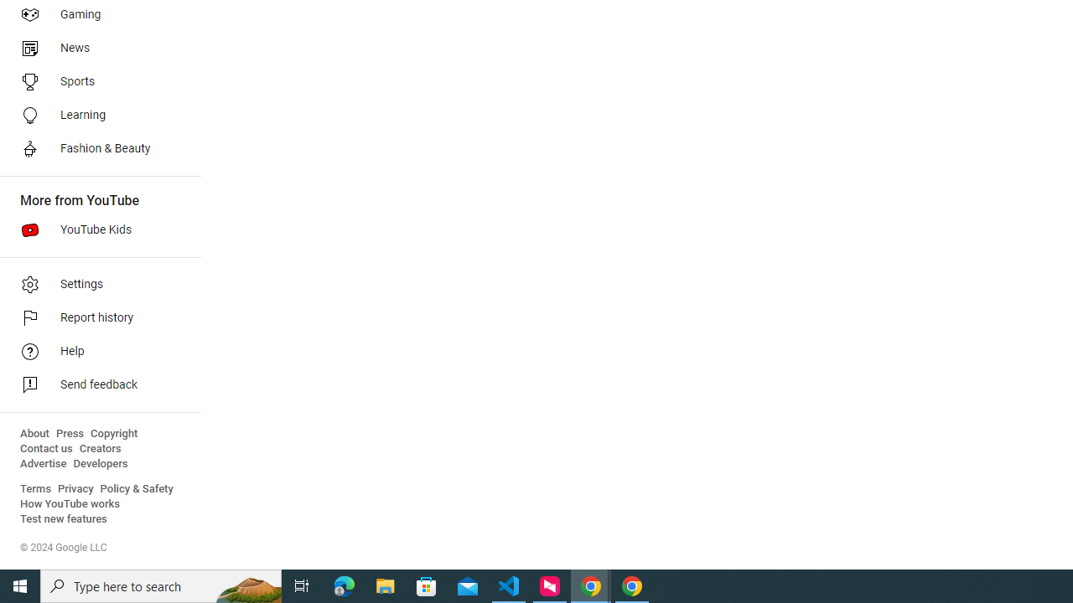 Image resolution: width=1073 pixels, height=603 pixels. What do you see at coordinates (100, 464) in the screenshot?
I see `'Developers'` at bounding box center [100, 464].